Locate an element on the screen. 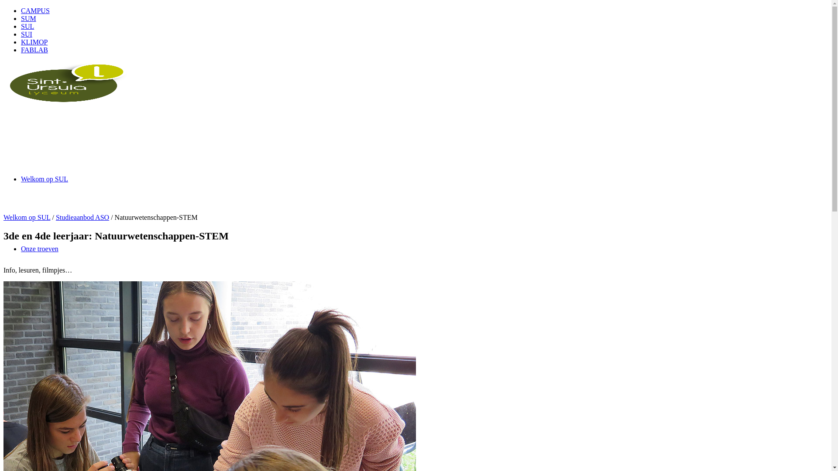 This screenshot has height=471, width=838. 'Studieaanbod' is located at coordinates (39, 318).